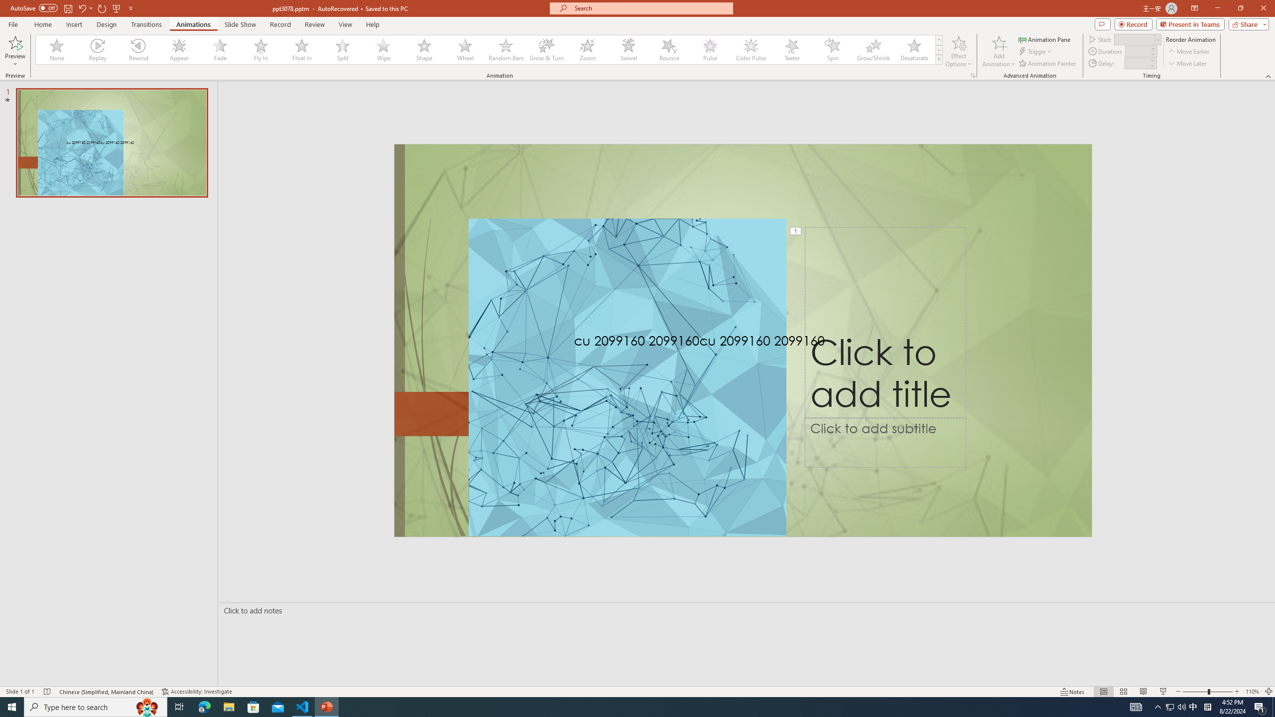 Image resolution: width=1275 pixels, height=717 pixels. I want to click on 'Animation Pane', so click(1045, 39).